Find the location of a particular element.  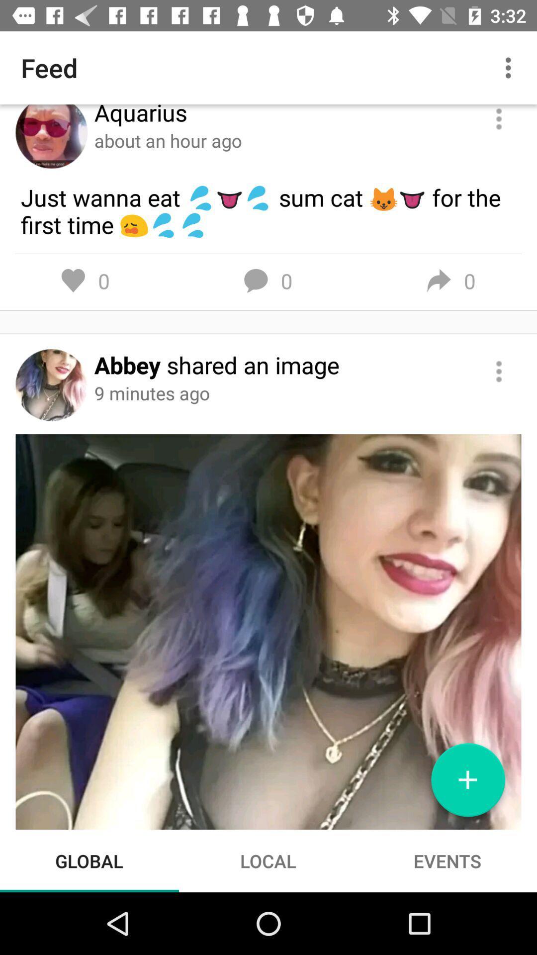

user profile is located at coordinates (51, 136).